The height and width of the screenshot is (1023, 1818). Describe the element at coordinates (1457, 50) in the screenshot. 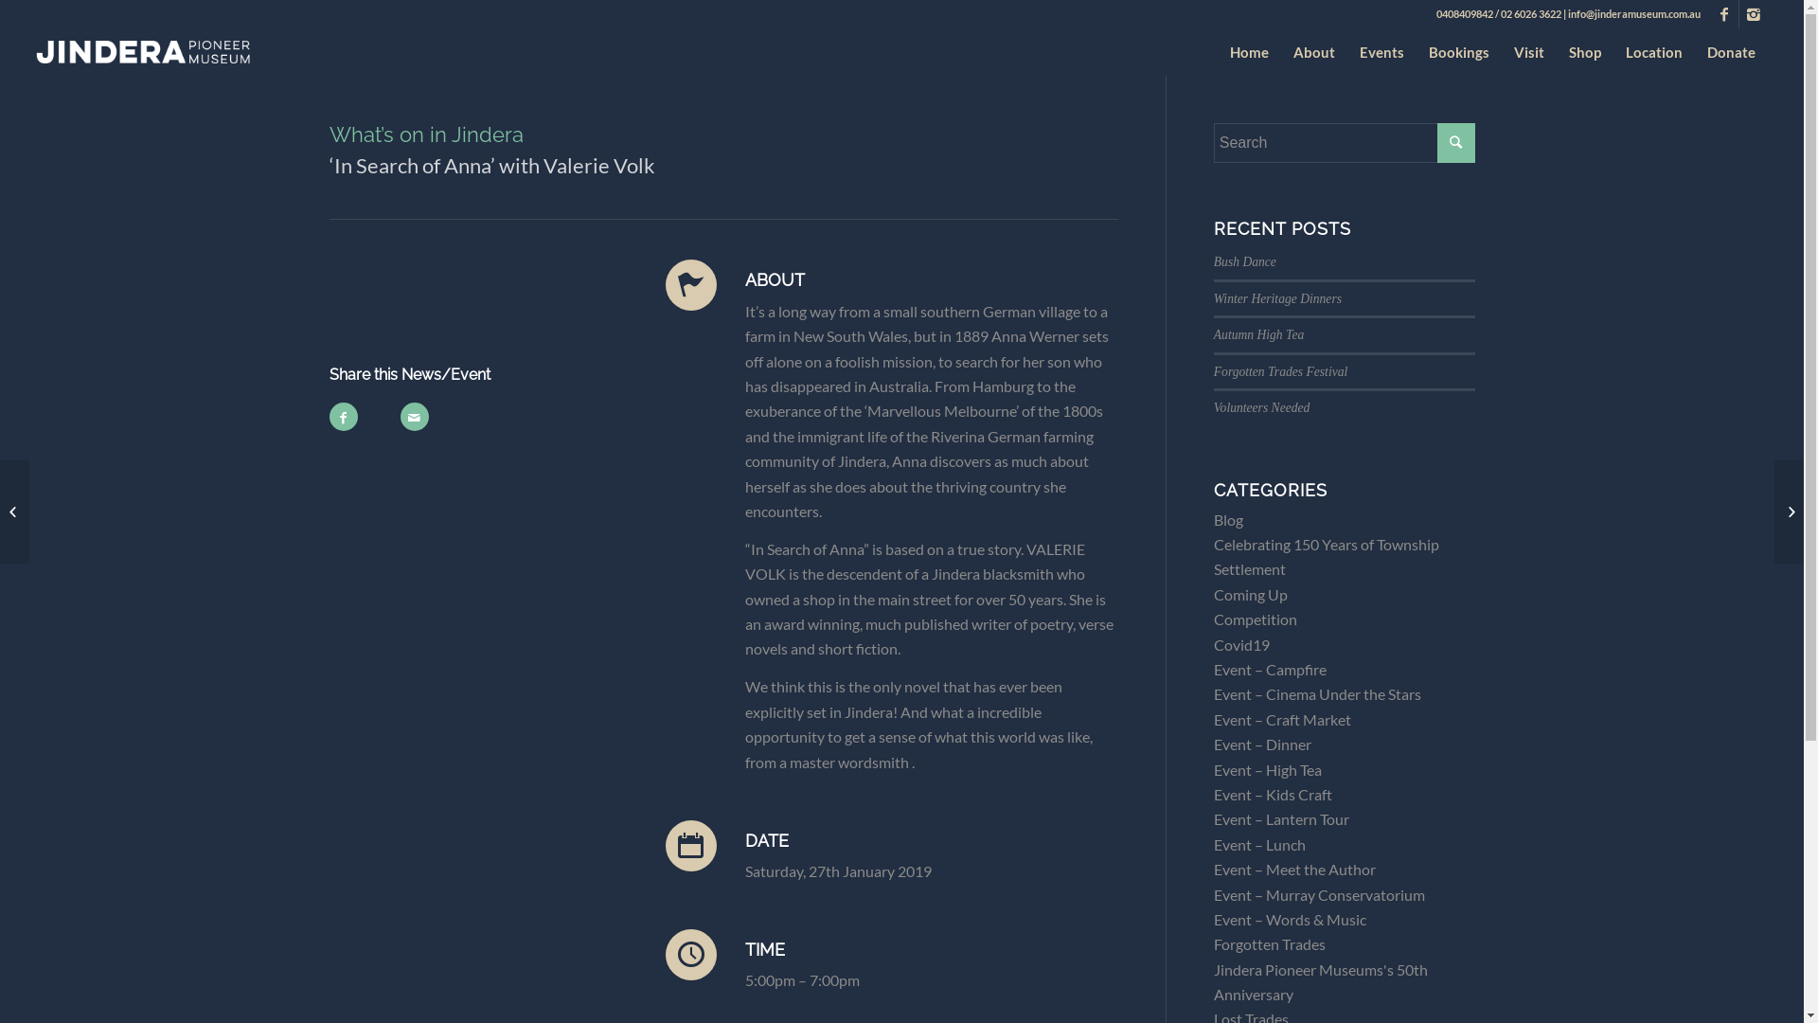

I see `'Bookings'` at that location.